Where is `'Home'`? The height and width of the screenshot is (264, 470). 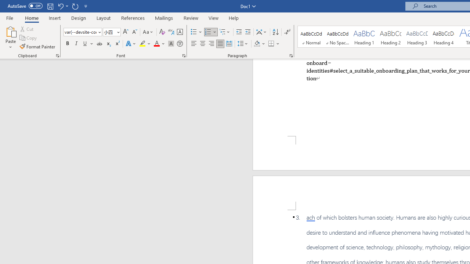
'Home' is located at coordinates (31, 18).